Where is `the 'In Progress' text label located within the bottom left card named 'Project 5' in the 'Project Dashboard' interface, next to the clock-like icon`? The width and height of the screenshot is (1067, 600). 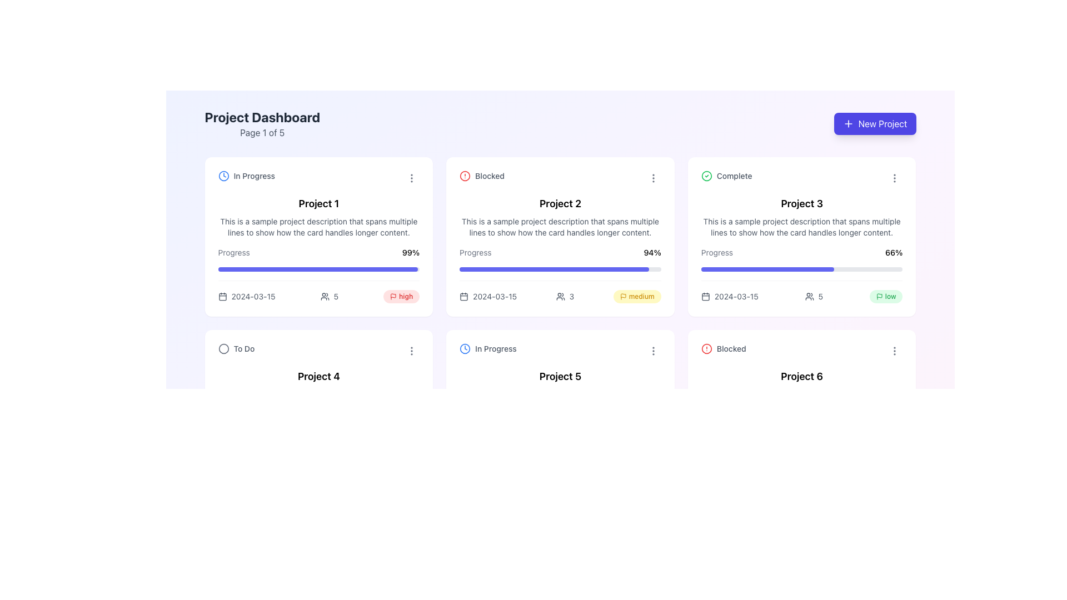
the 'In Progress' text label located within the bottom left card named 'Project 5' in the 'Project Dashboard' interface, next to the clock-like icon is located at coordinates (495, 348).